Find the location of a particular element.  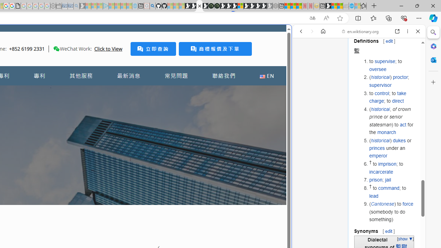

'Future Focus Report 2024' is located at coordinates (216, 6).